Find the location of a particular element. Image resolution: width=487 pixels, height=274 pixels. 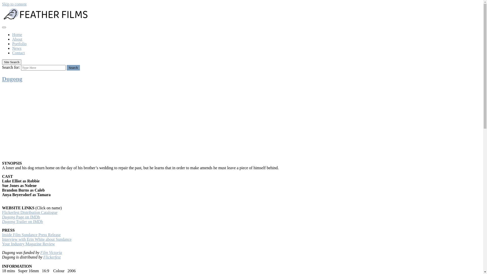

'Film Victoria' is located at coordinates (51, 252).